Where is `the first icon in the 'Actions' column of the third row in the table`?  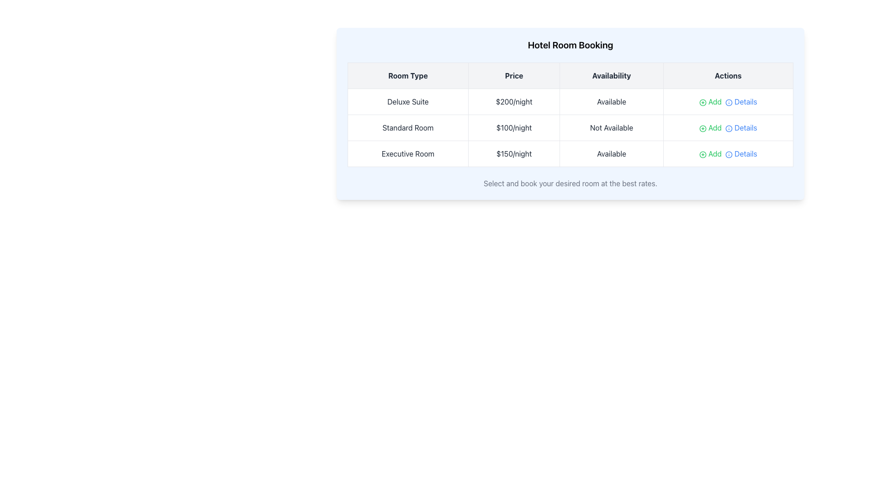
the first icon in the 'Actions' column of the third row in the table is located at coordinates (729, 102).